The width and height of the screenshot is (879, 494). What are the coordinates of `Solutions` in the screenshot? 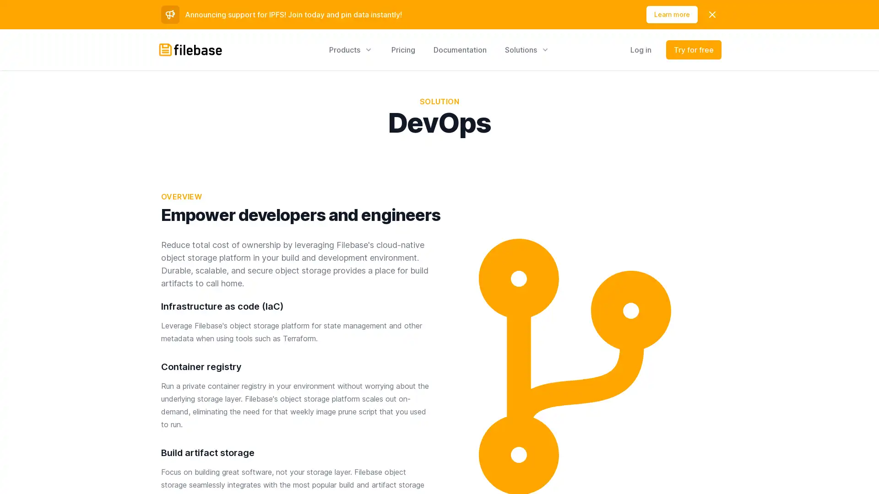 It's located at (527, 49).